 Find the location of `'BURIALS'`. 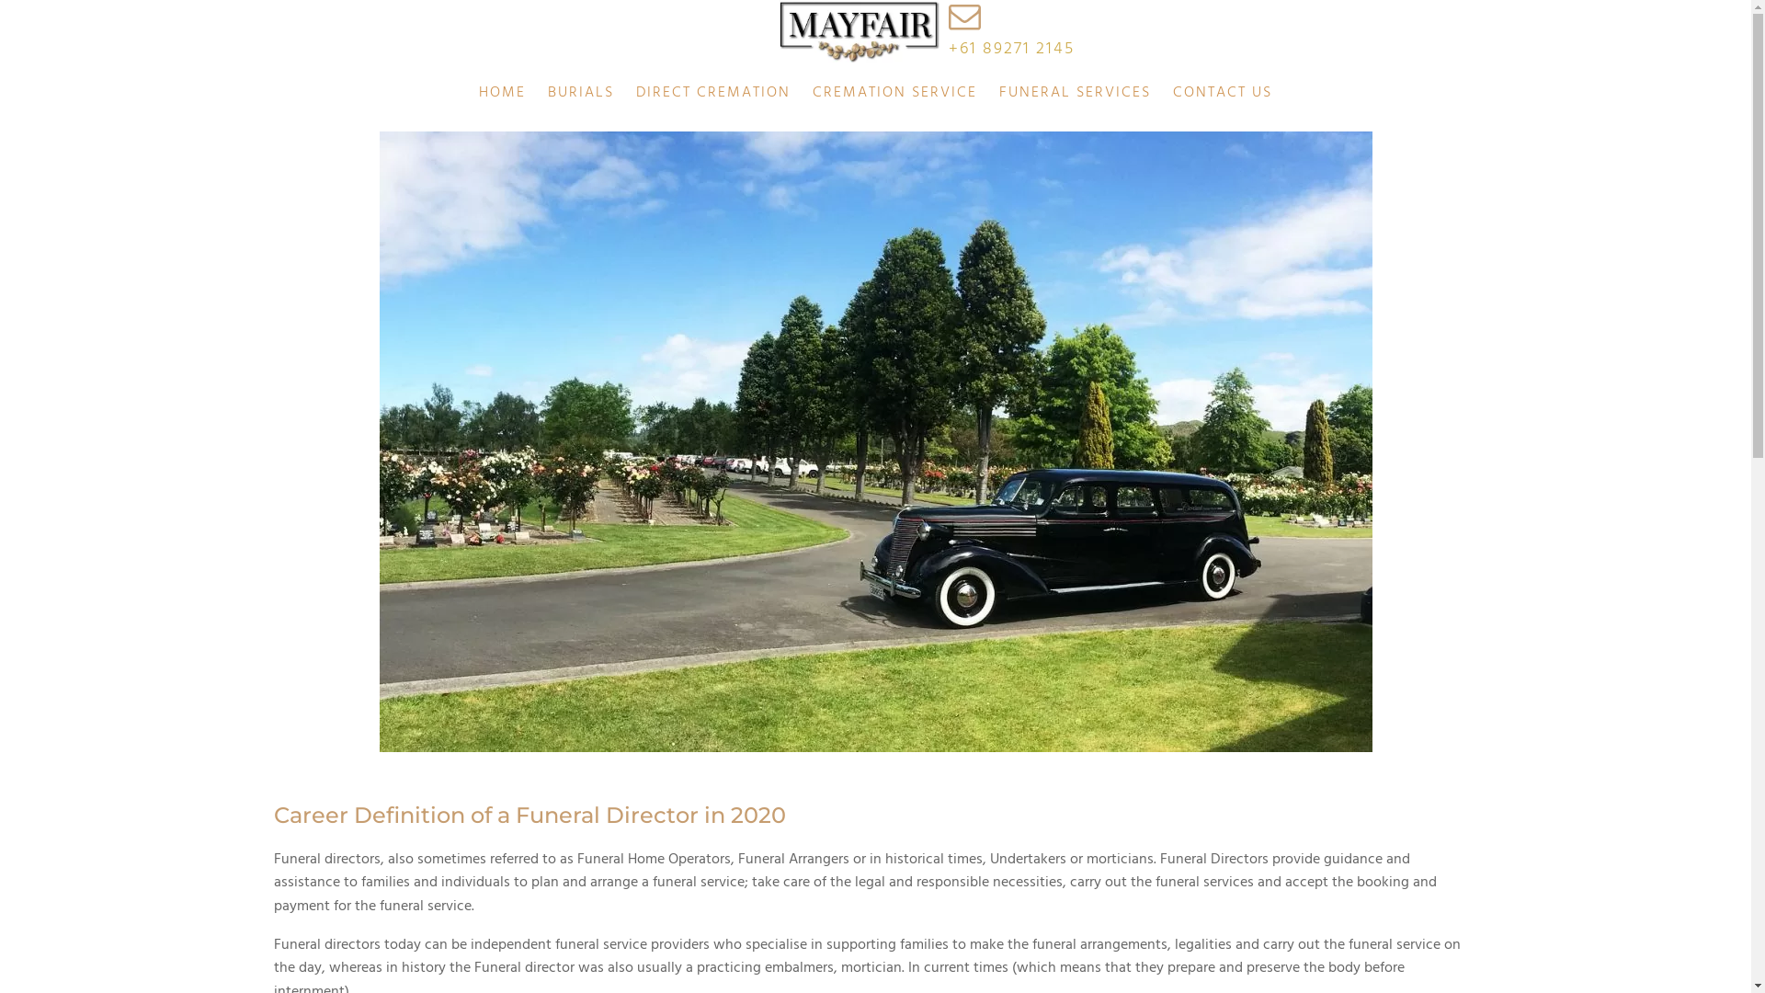

'BURIALS' is located at coordinates (580, 93).